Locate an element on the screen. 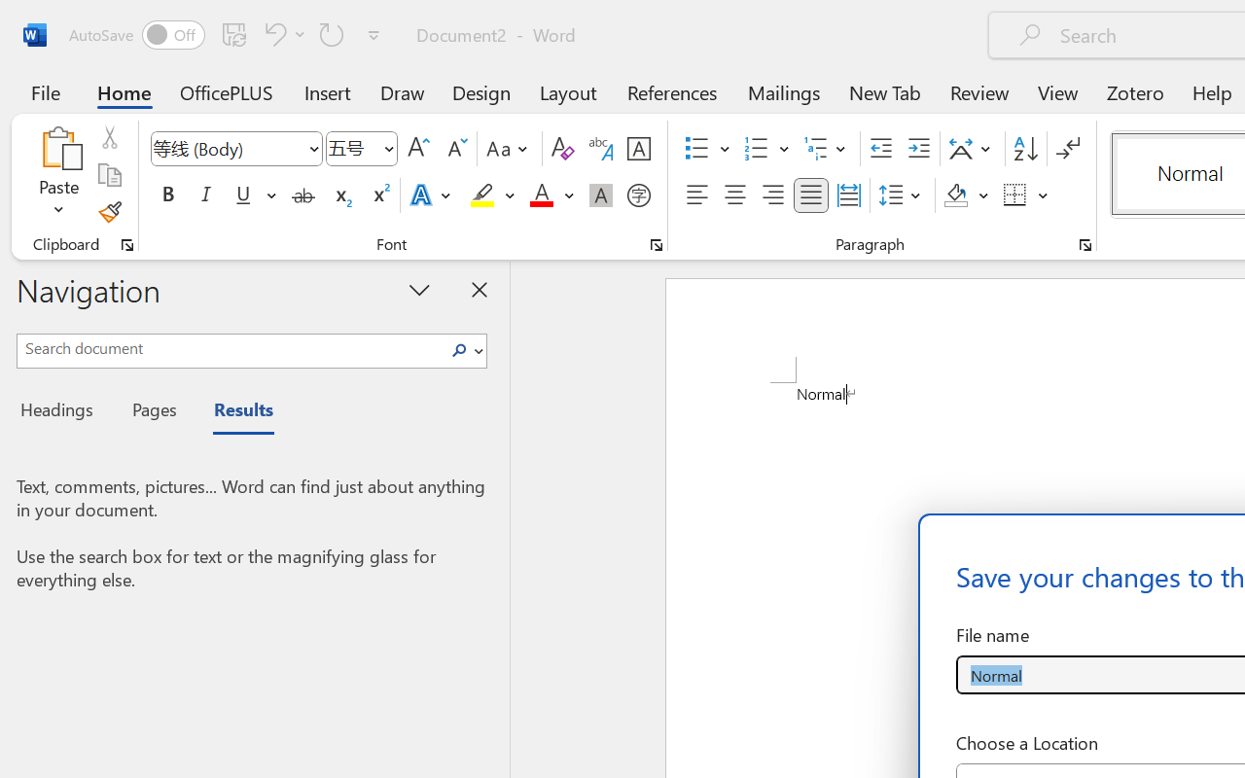 Image resolution: width=1245 pixels, height=778 pixels. 'Customize Quick Access Toolbar' is located at coordinates (373, 34).